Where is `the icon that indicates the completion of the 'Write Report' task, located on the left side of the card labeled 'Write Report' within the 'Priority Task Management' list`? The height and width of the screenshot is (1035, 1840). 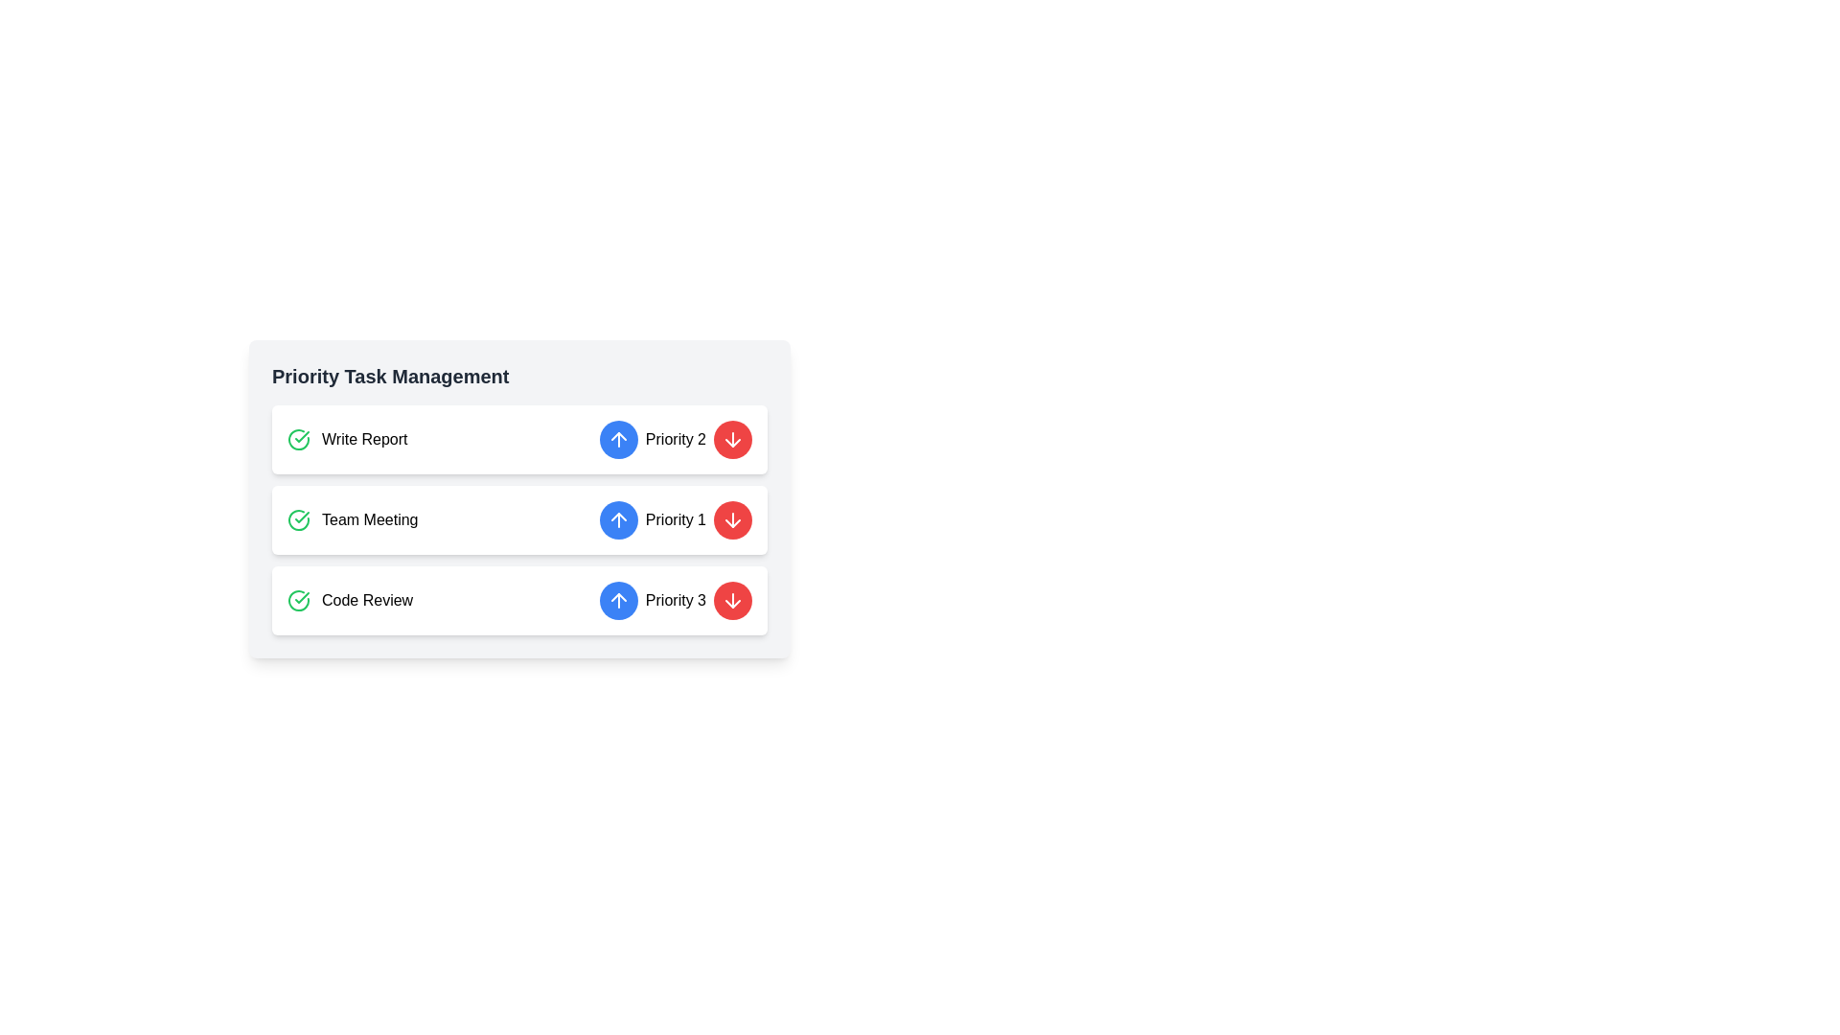 the icon that indicates the completion of the 'Write Report' task, located on the left side of the card labeled 'Write Report' within the 'Priority Task Management' list is located at coordinates (298, 440).